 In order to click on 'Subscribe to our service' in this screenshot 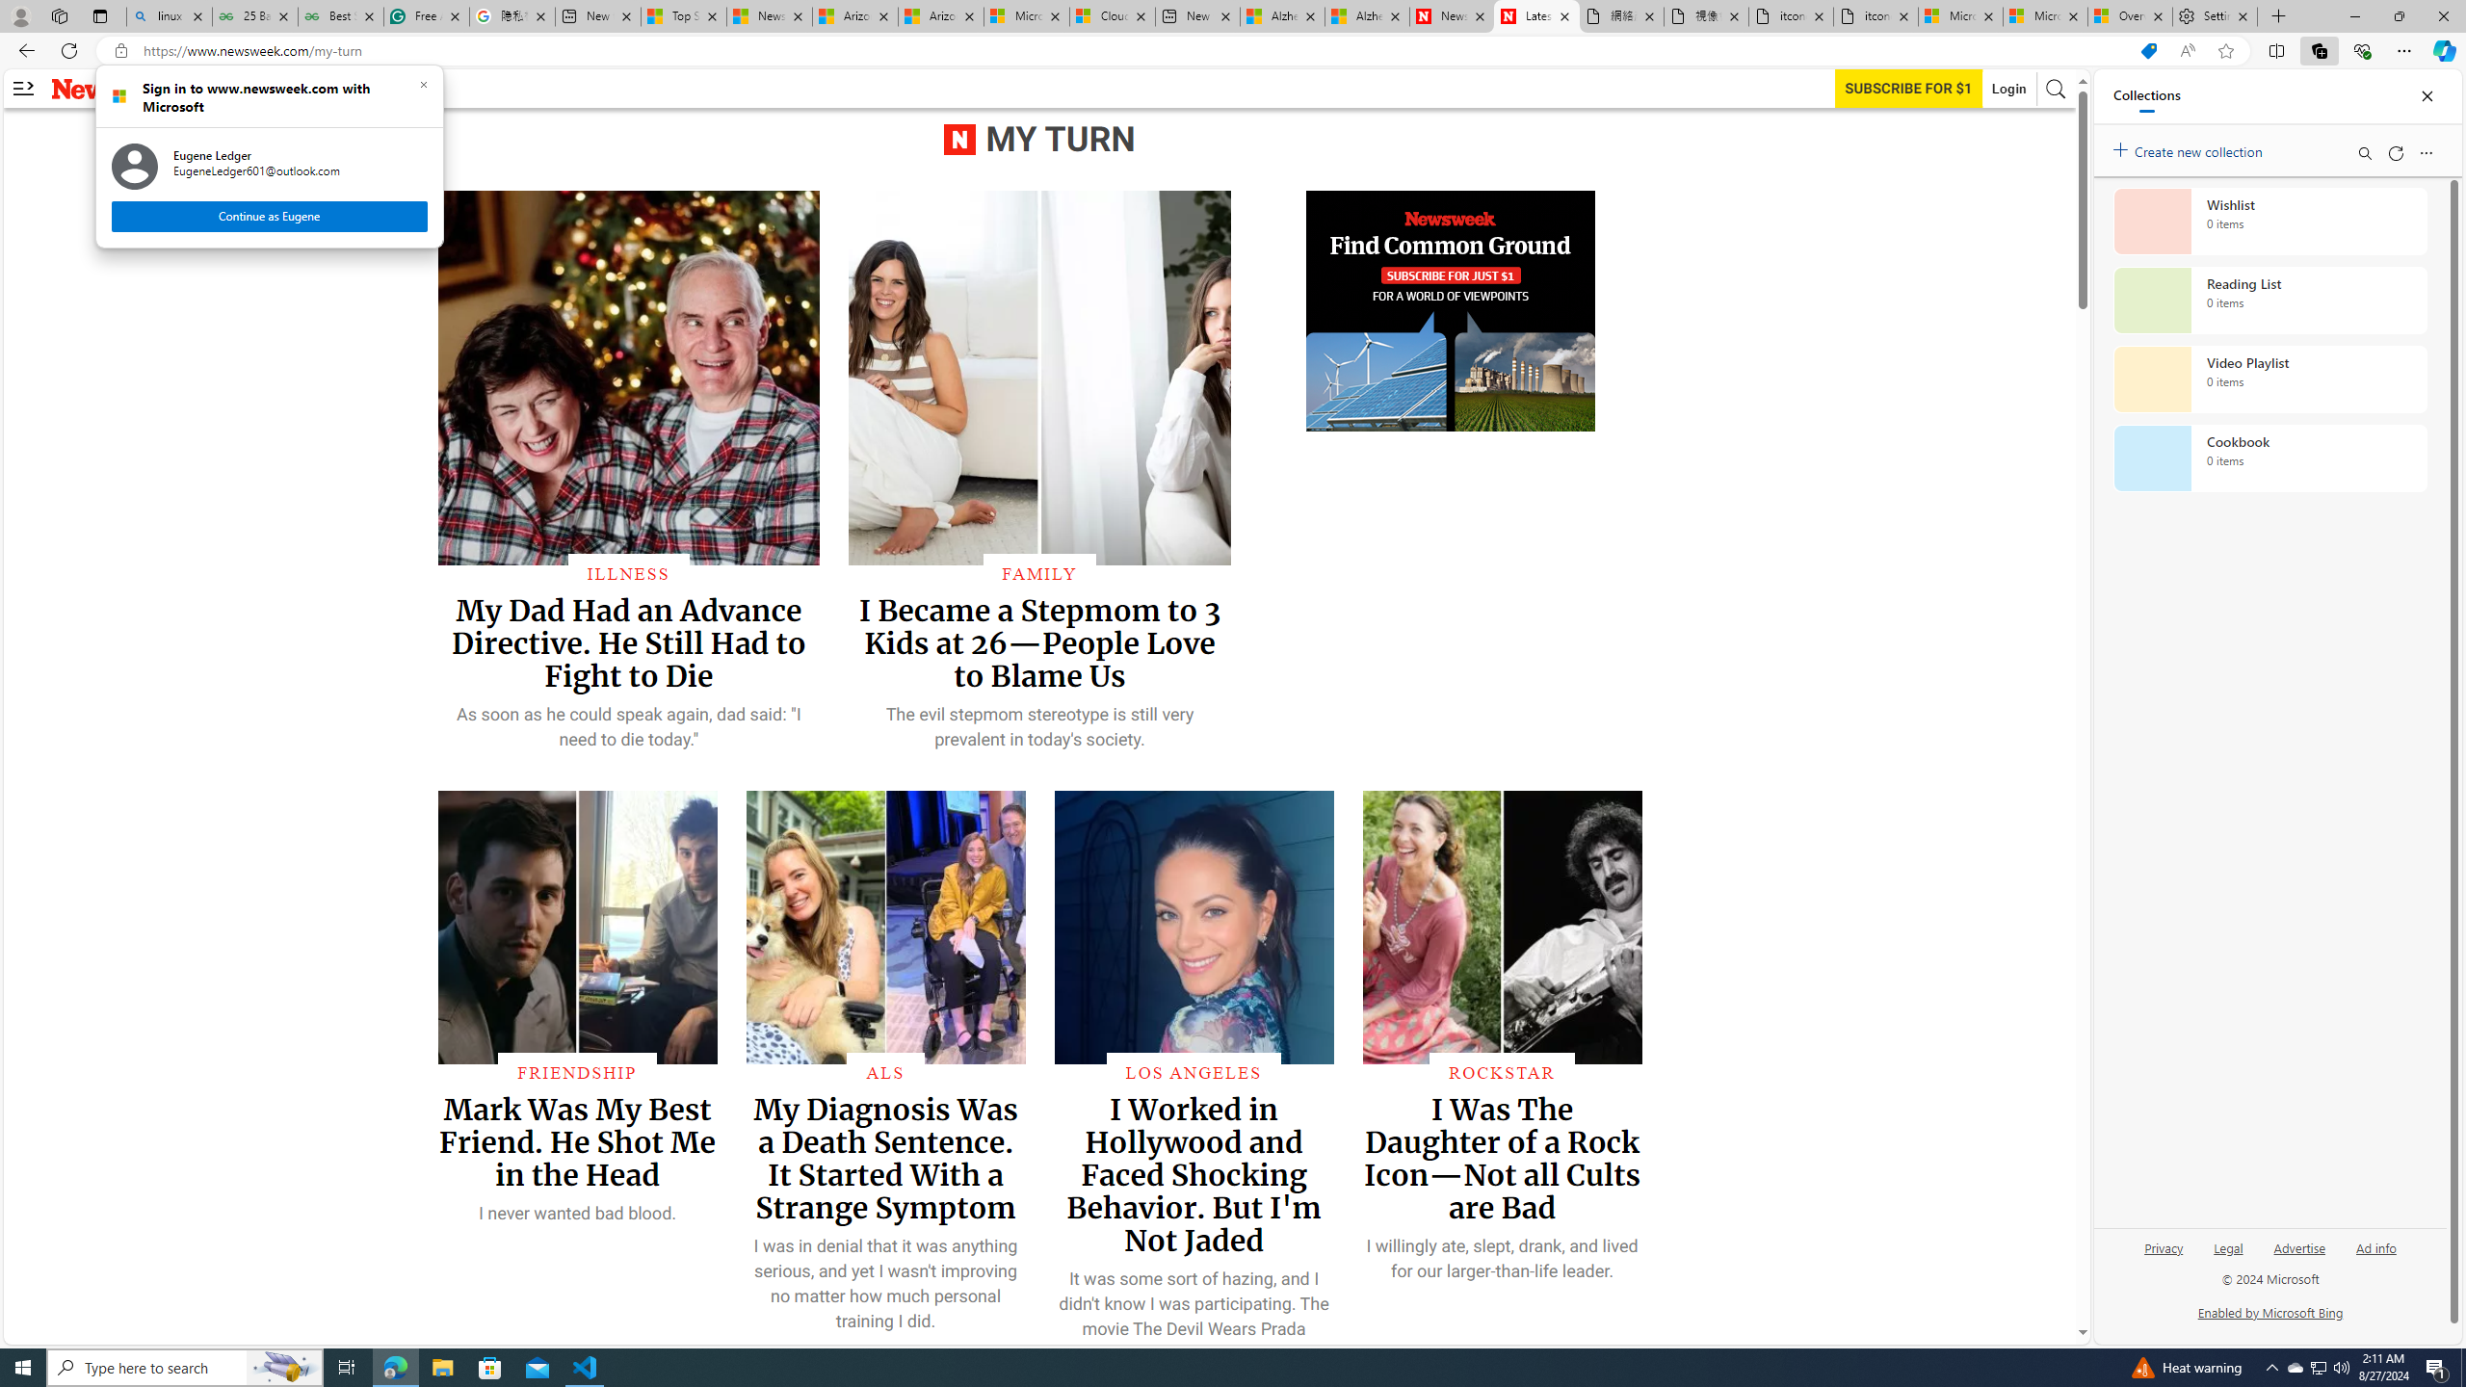, I will do `click(1908, 88)`.